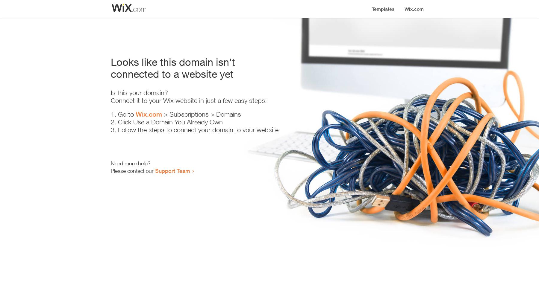 The image size is (539, 299). I want to click on 'Wix.com', so click(148, 114).